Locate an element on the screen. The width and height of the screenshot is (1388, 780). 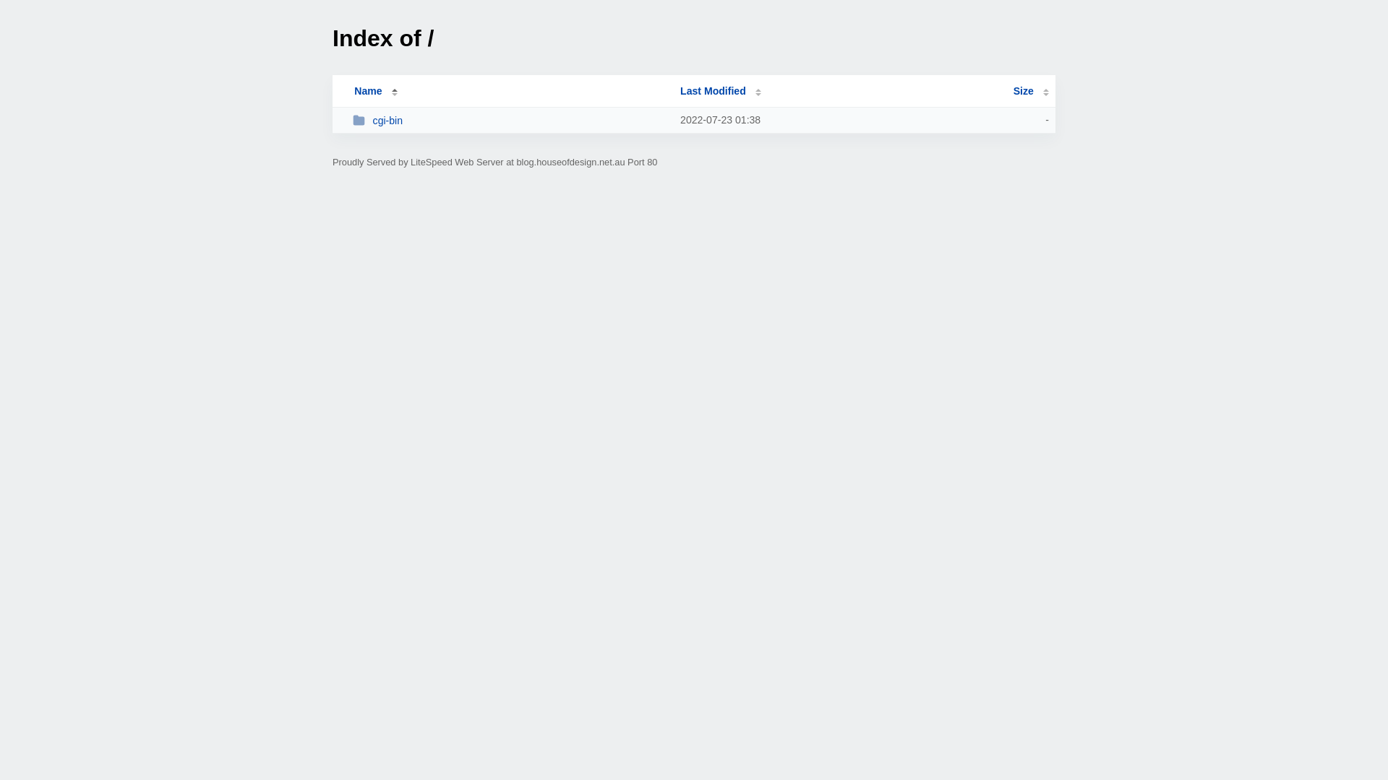
'Size' is located at coordinates (1030, 91).